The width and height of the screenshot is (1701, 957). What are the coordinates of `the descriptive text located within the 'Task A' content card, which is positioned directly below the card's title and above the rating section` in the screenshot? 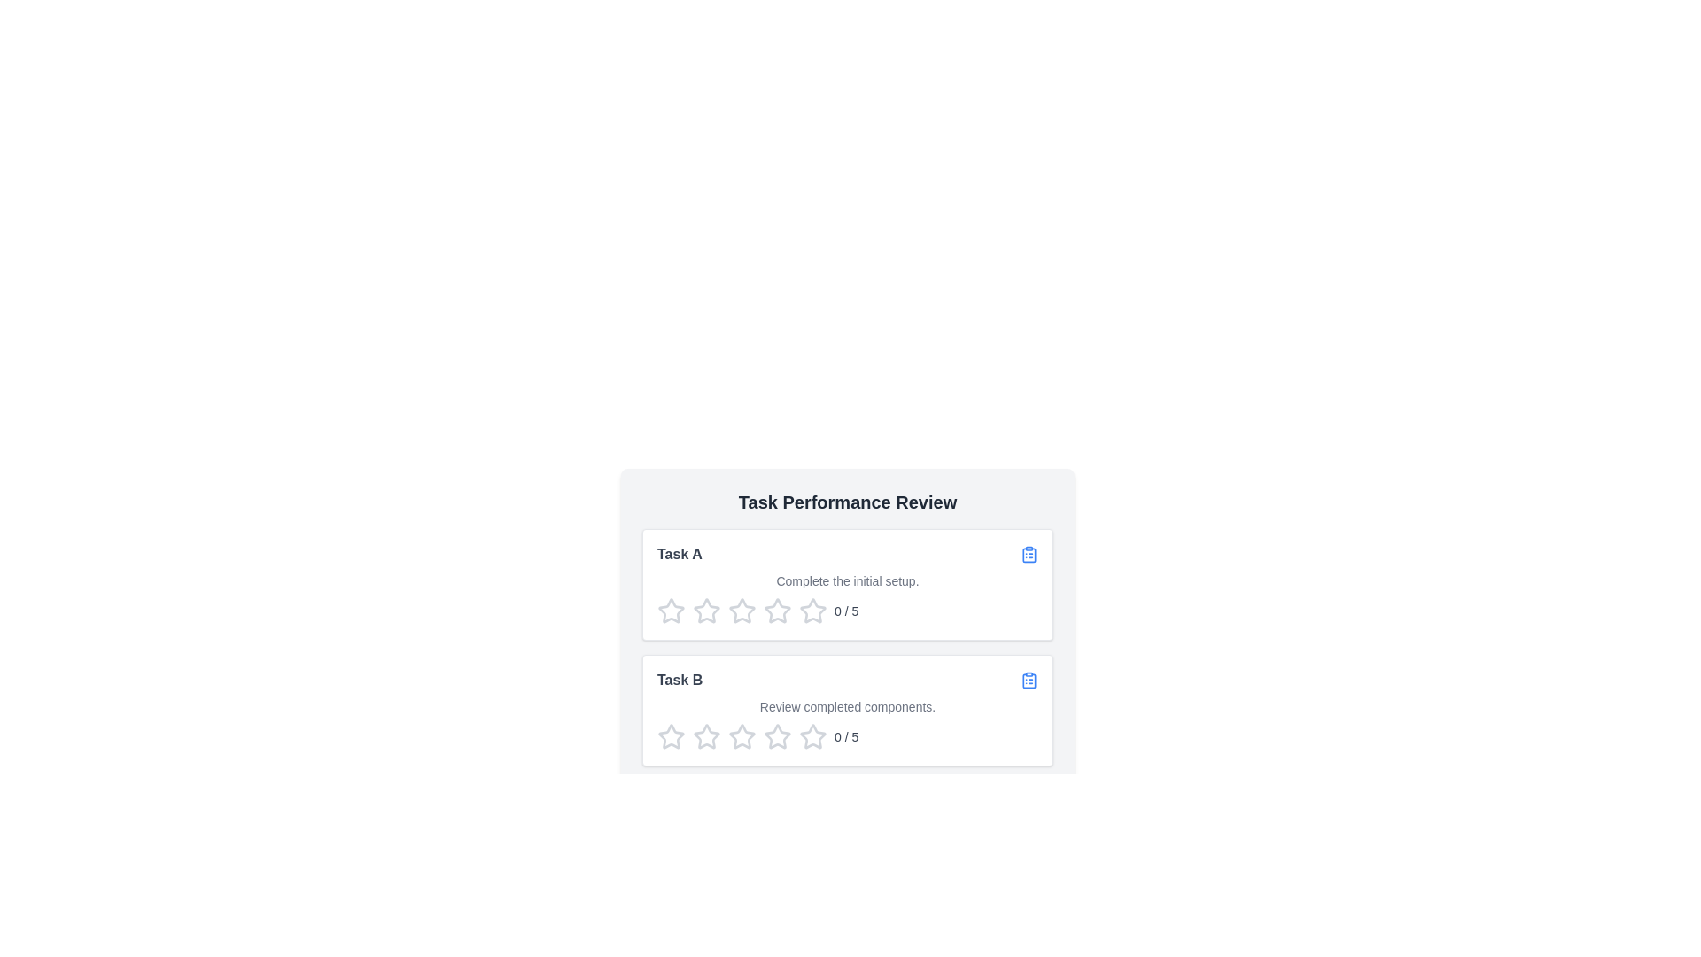 It's located at (846, 580).